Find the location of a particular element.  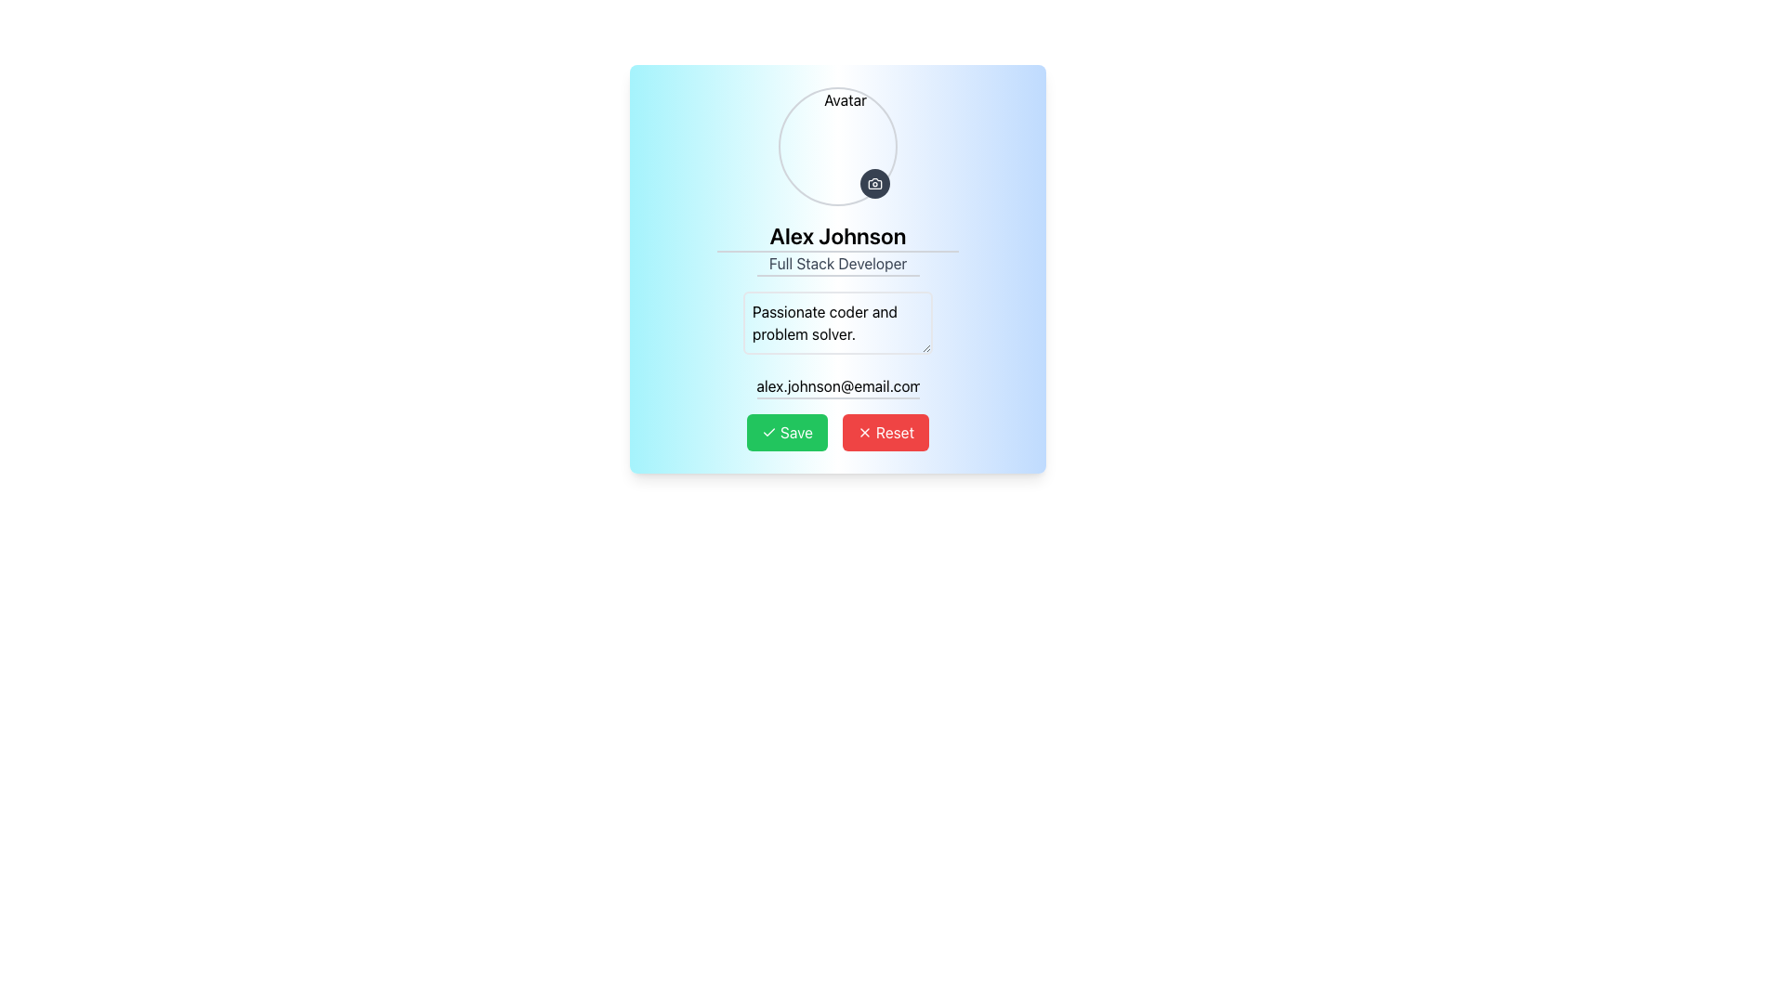

the 'Save' button located at the bottom left of the user profile card is located at coordinates (787, 433).